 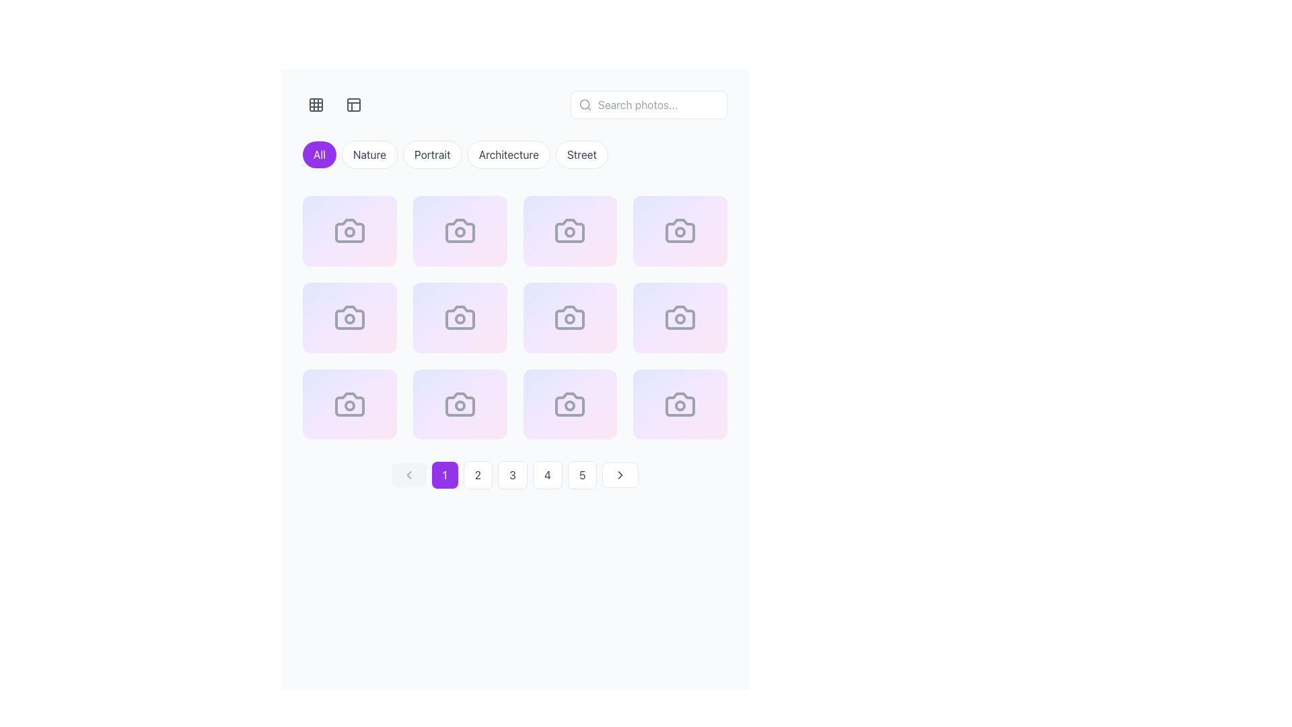 What do you see at coordinates (349, 232) in the screenshot?
I see `the circular decorative graphic within the camera icon located in the first row and first column of the grid layout` at bounding box center [349, 232].